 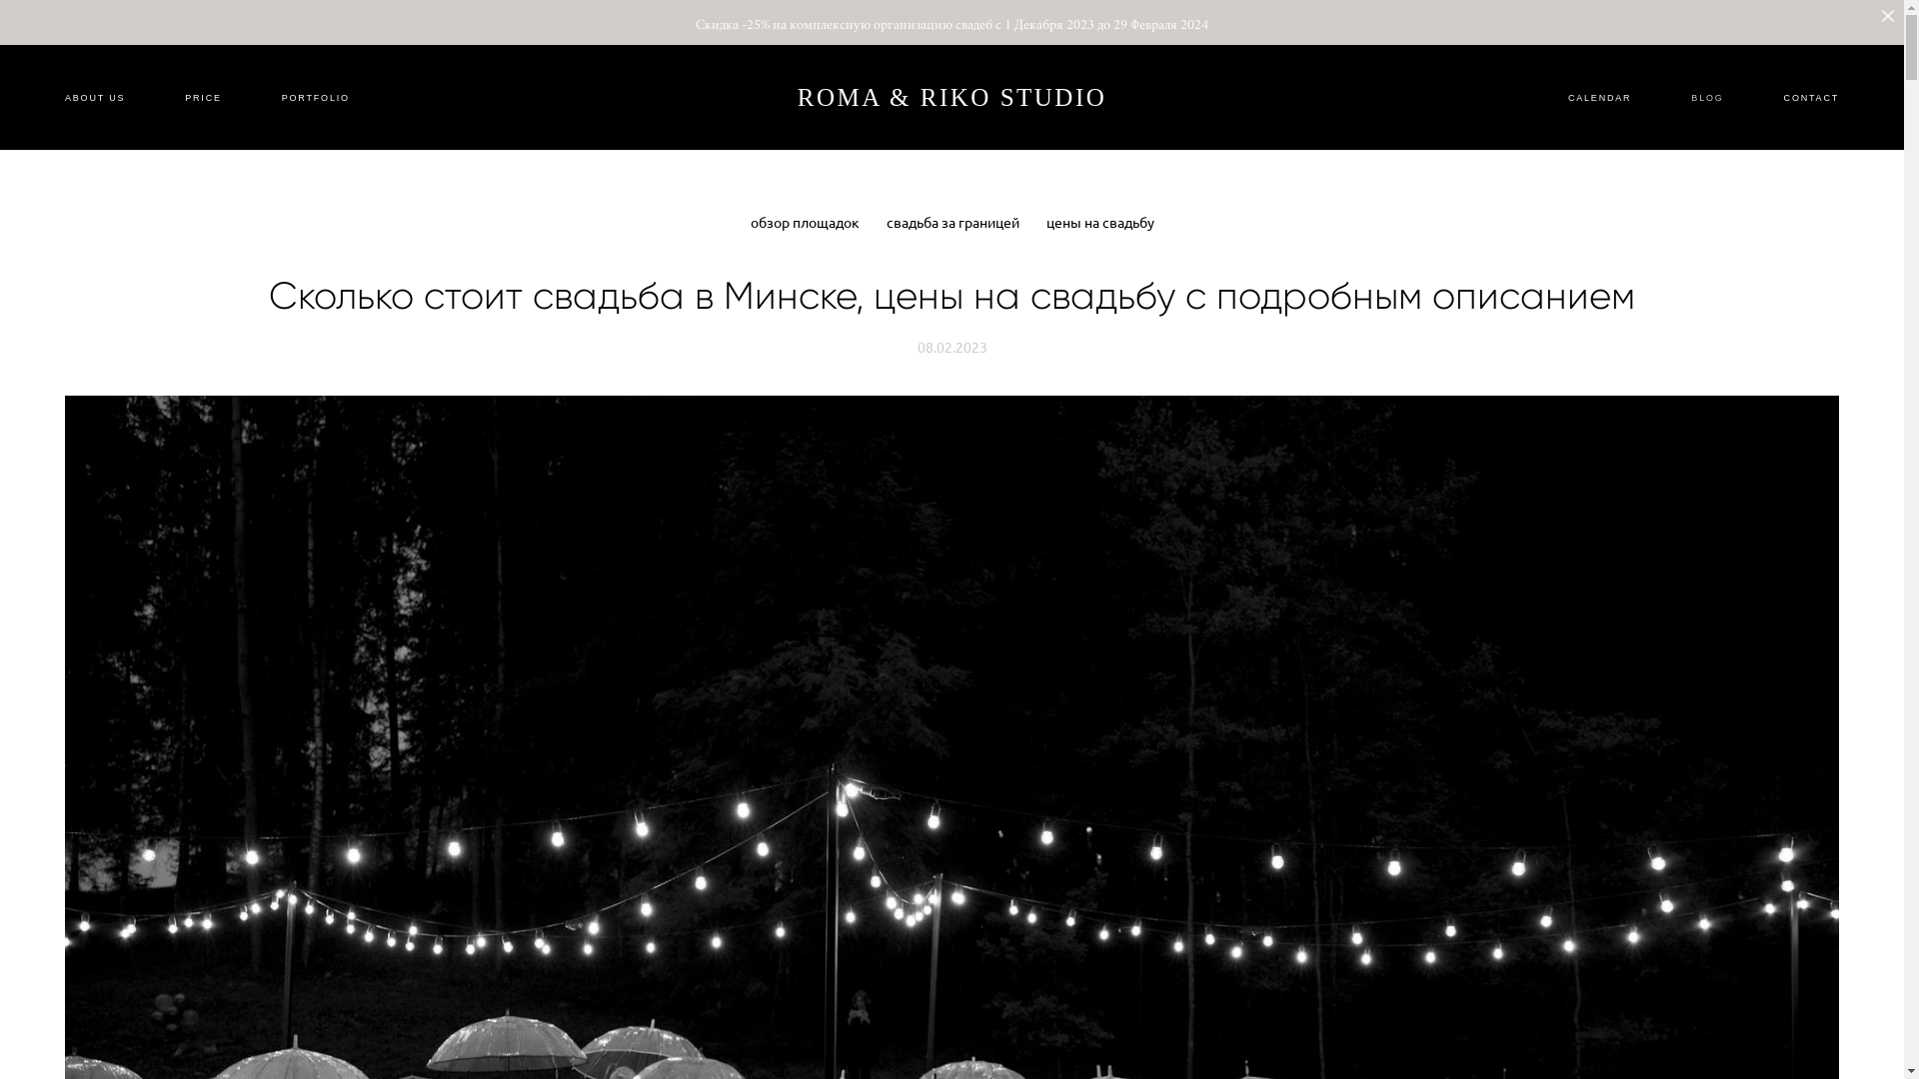 I want to click on 'CONTACT', so click(x=1784, y=97).